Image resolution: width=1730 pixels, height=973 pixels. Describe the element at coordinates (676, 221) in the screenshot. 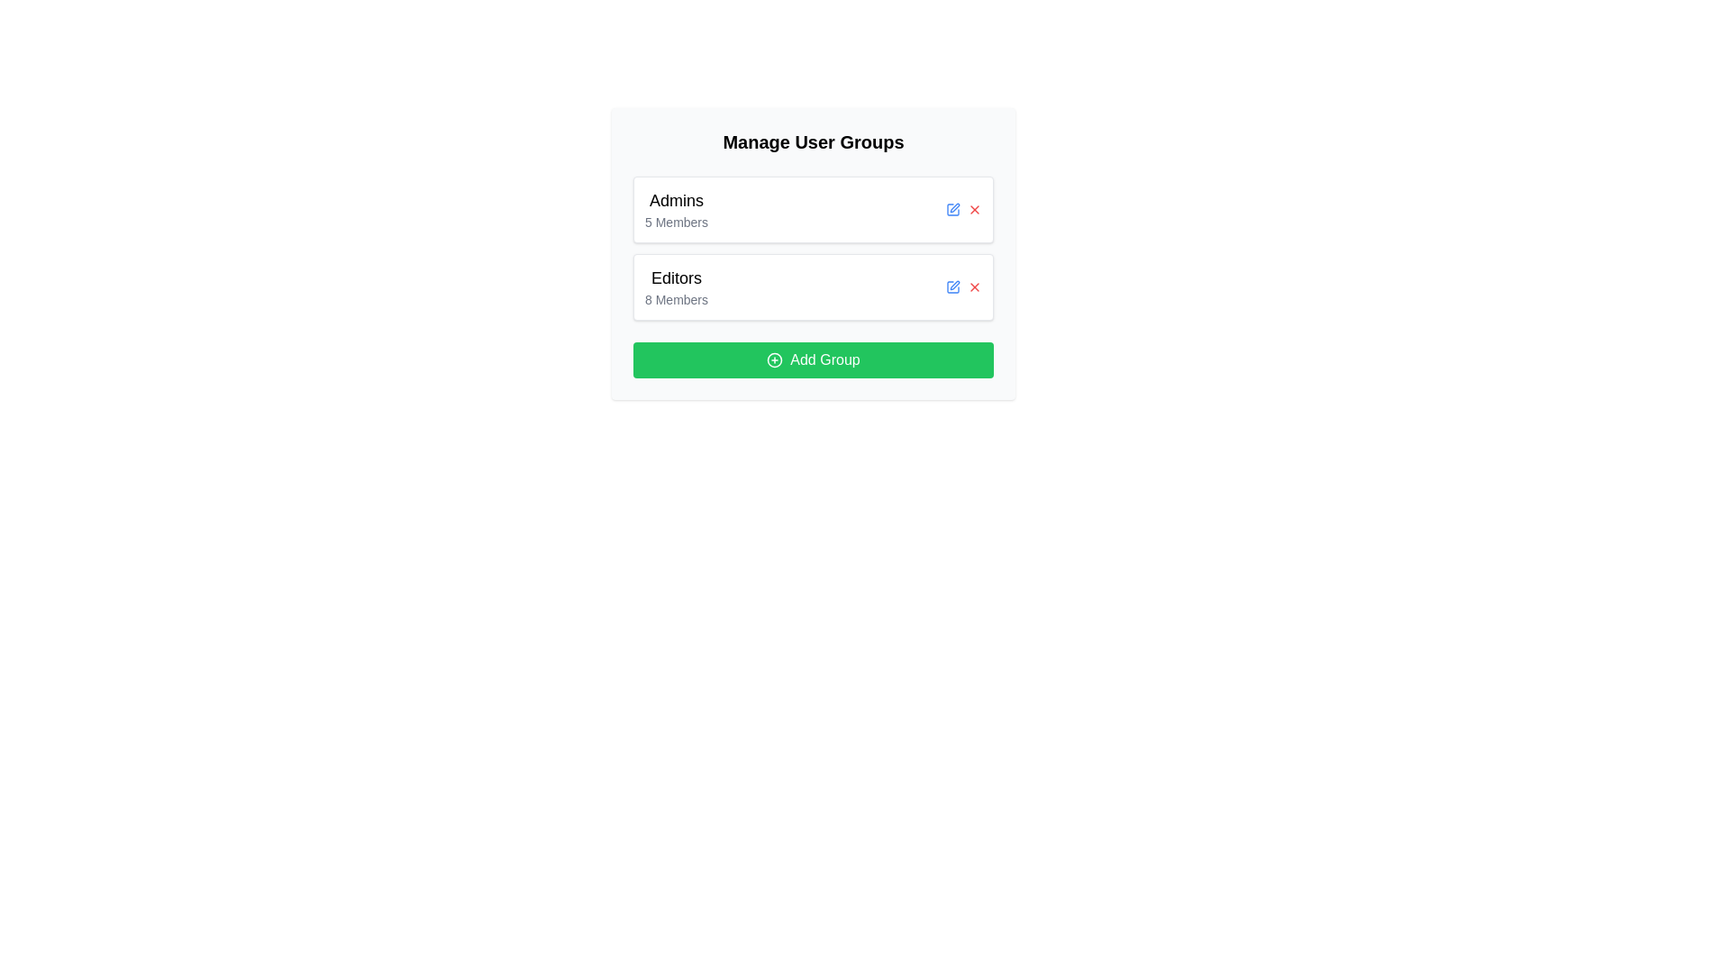

I see `the informational static text label that displays the number of members in the 'Admins' group, located below the 'Admins' text in the grouped layout` at that location.